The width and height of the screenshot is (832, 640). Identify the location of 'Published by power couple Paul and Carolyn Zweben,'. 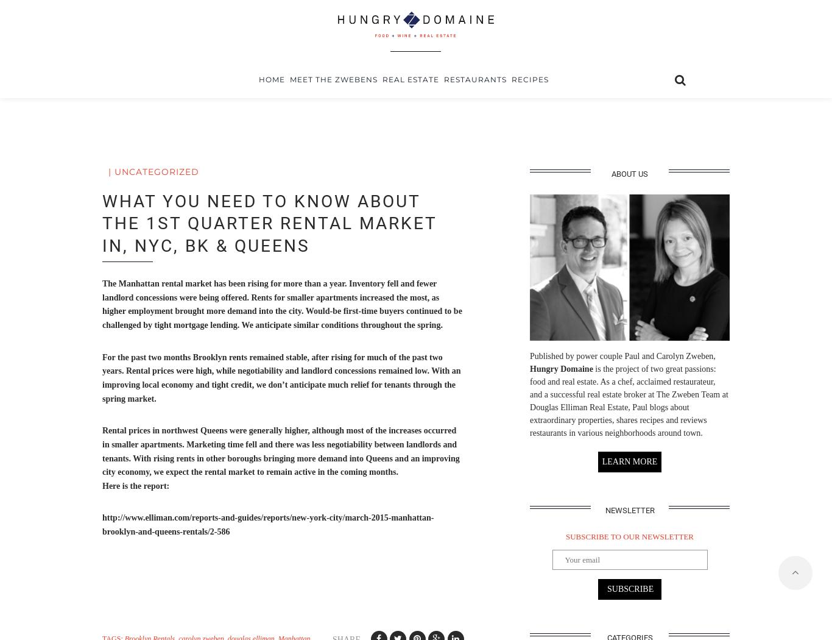
(622, 355).